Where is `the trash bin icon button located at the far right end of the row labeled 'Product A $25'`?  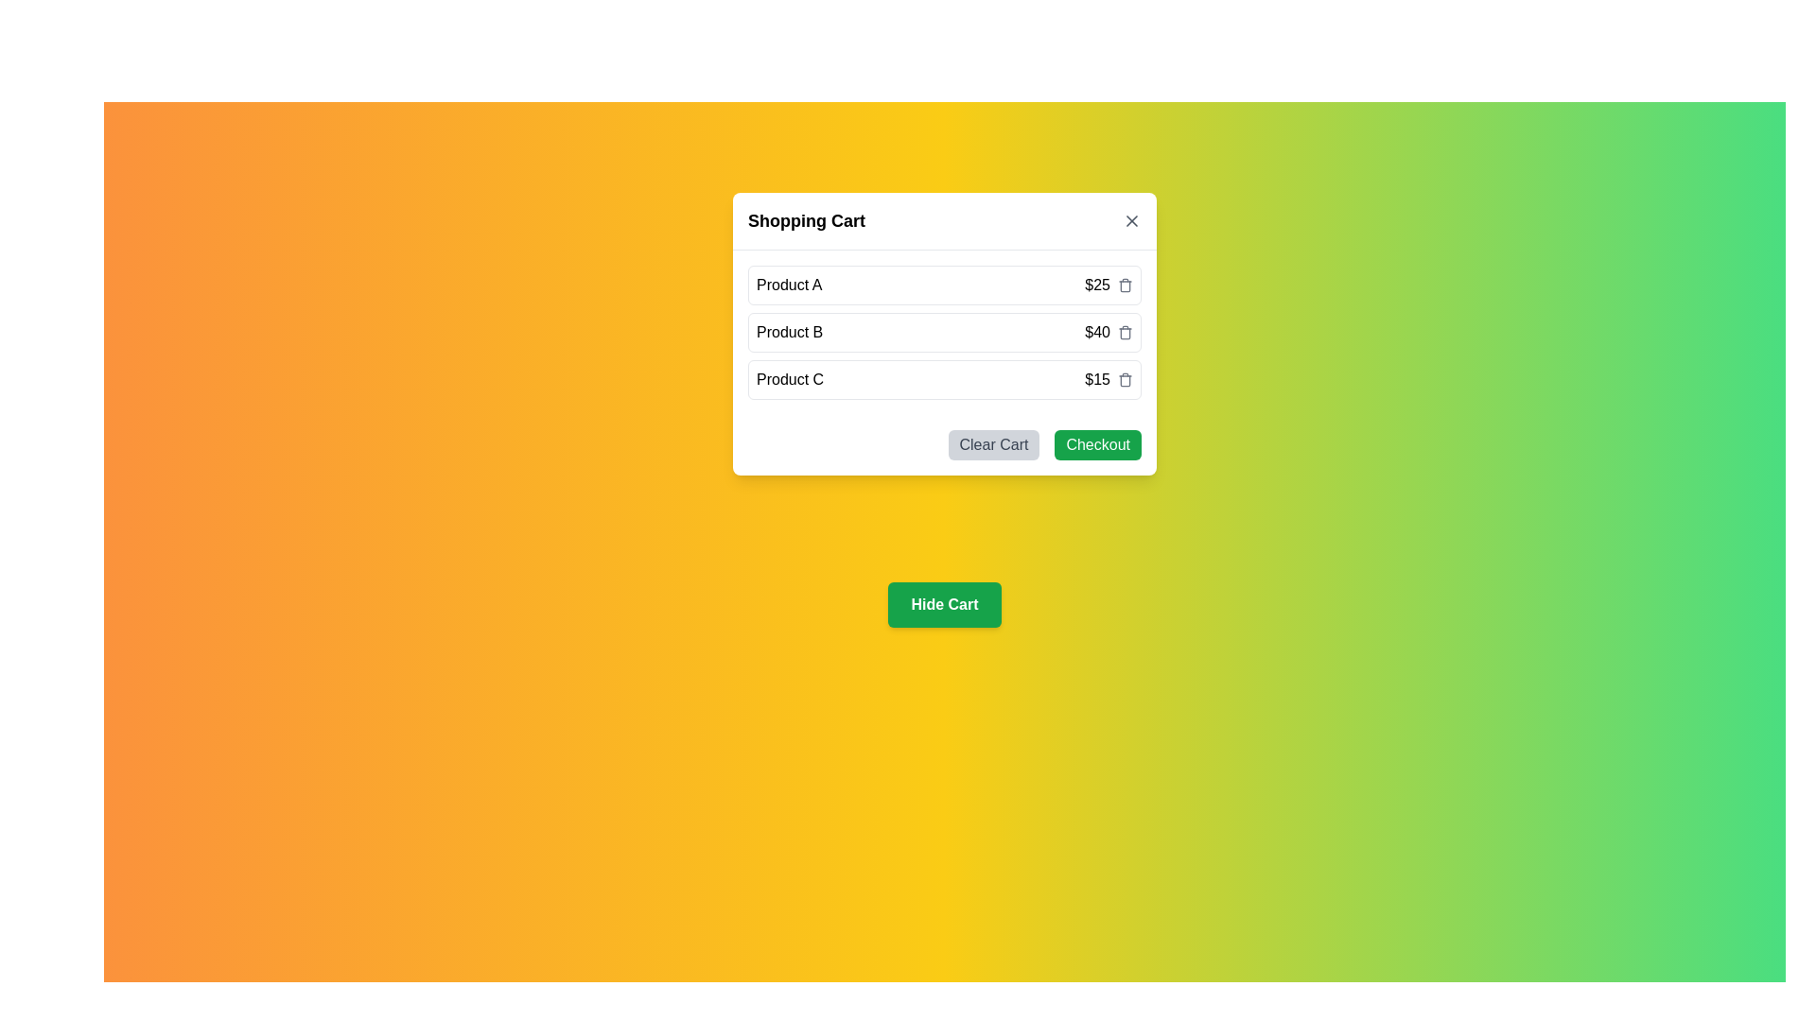
the trash bin icon button located at the far right end of the row labeled 'Product A $25' is located at coordinates (1126, 285).